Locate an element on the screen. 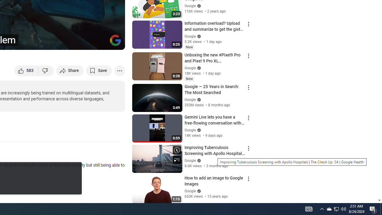 The height and width of the screenshot is (215, 382). 'Save to playlist' is located at coordinates (99, 70).